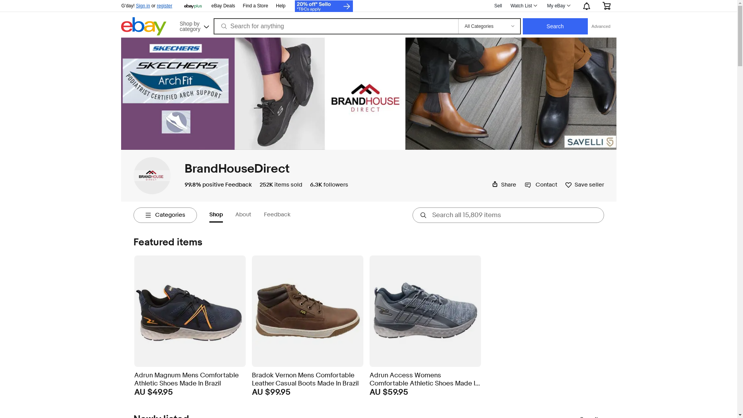 The height and width of the screenshot is (418, 743). I want to click on 'Help', so click(280, 6).